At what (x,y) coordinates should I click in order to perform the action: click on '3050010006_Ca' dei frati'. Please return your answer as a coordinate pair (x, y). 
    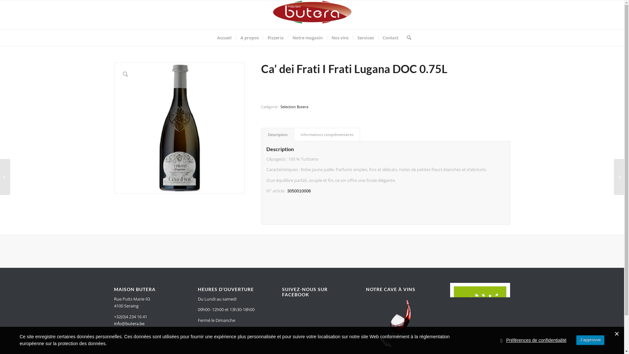
    Looking at the image, I should click on (179, 128).